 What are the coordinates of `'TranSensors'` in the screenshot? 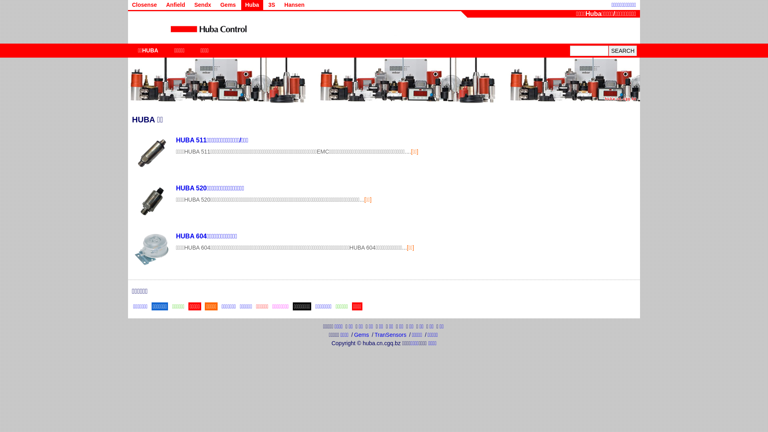 It's located at (390, 335).